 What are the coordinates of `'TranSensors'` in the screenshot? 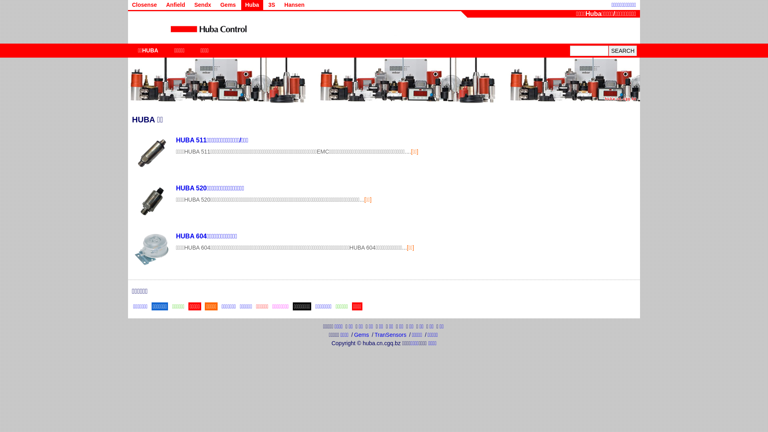 It's located at (390, 335).